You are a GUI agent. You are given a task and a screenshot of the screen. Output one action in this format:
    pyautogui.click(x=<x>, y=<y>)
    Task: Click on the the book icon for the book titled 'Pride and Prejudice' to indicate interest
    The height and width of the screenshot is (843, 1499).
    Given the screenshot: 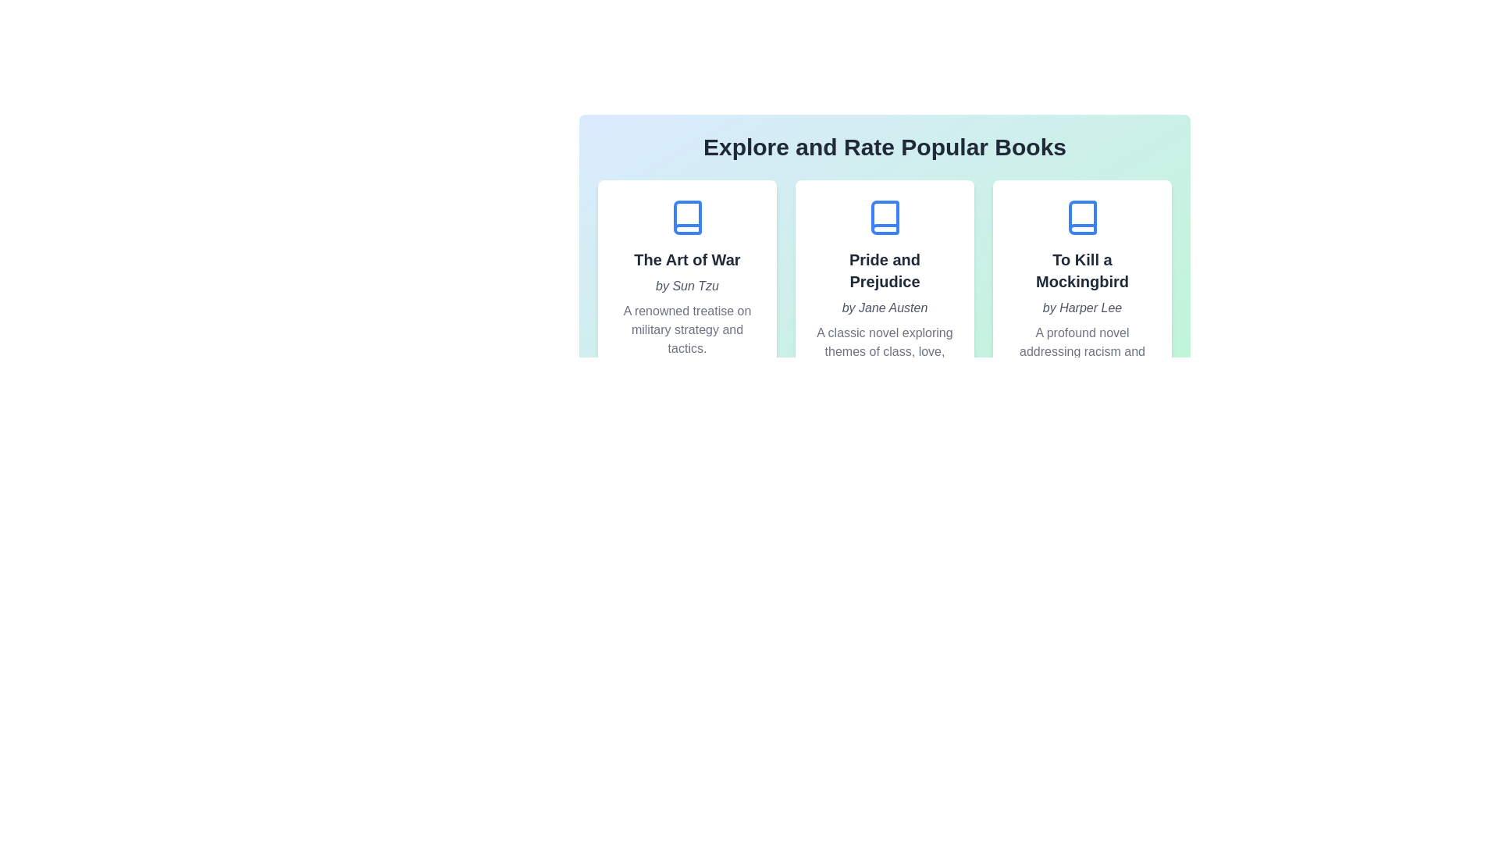 What is the action you would take?
    pyautogui.click(x=885, y=217)
    